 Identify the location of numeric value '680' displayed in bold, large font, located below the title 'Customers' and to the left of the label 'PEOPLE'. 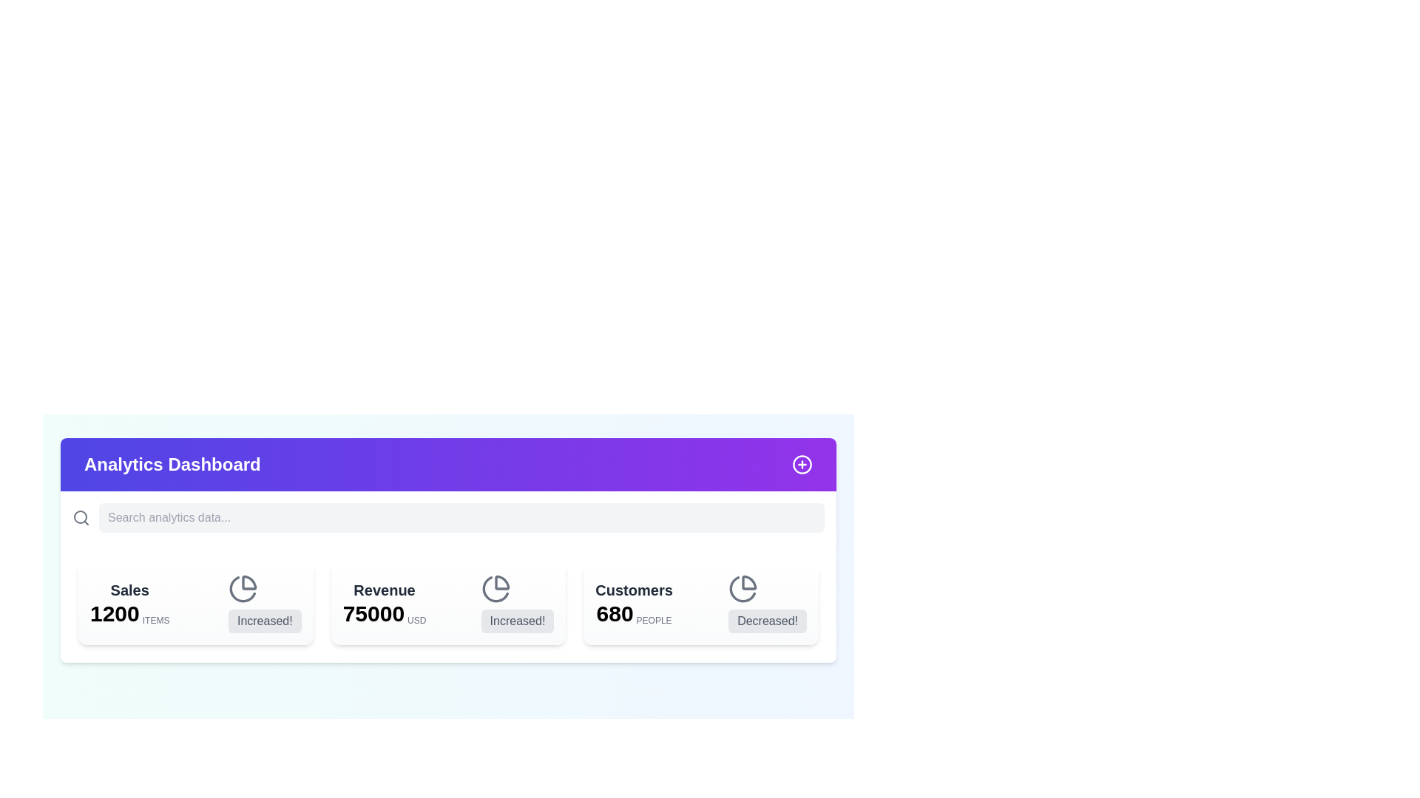
(615, 613).